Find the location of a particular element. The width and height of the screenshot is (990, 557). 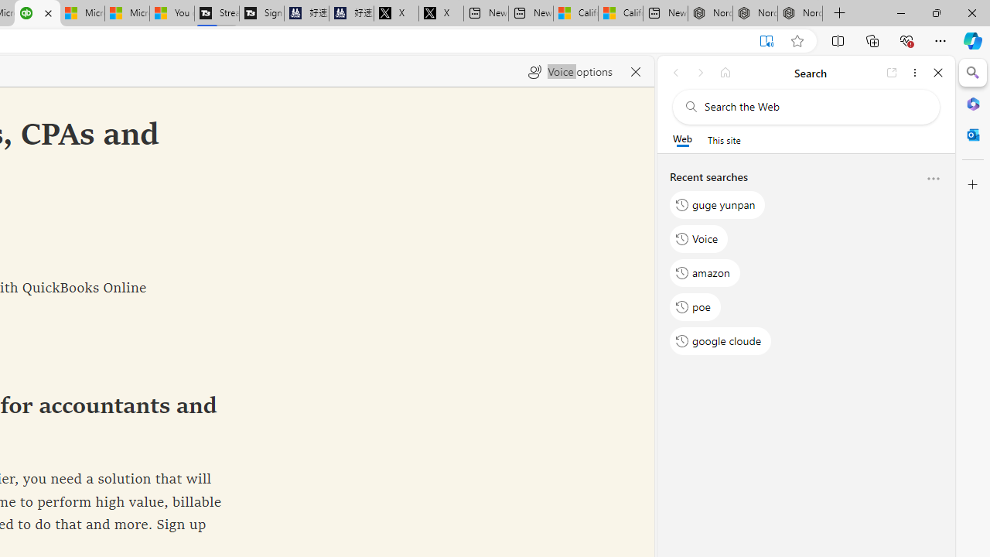

'Customize' is located at coordinates (972, 184).